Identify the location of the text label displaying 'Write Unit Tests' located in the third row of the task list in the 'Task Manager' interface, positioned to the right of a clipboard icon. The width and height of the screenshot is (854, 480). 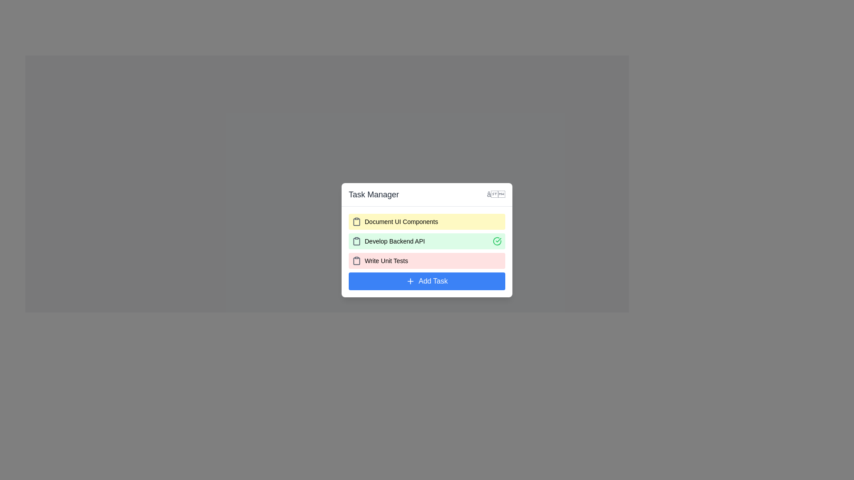
(386, 260).